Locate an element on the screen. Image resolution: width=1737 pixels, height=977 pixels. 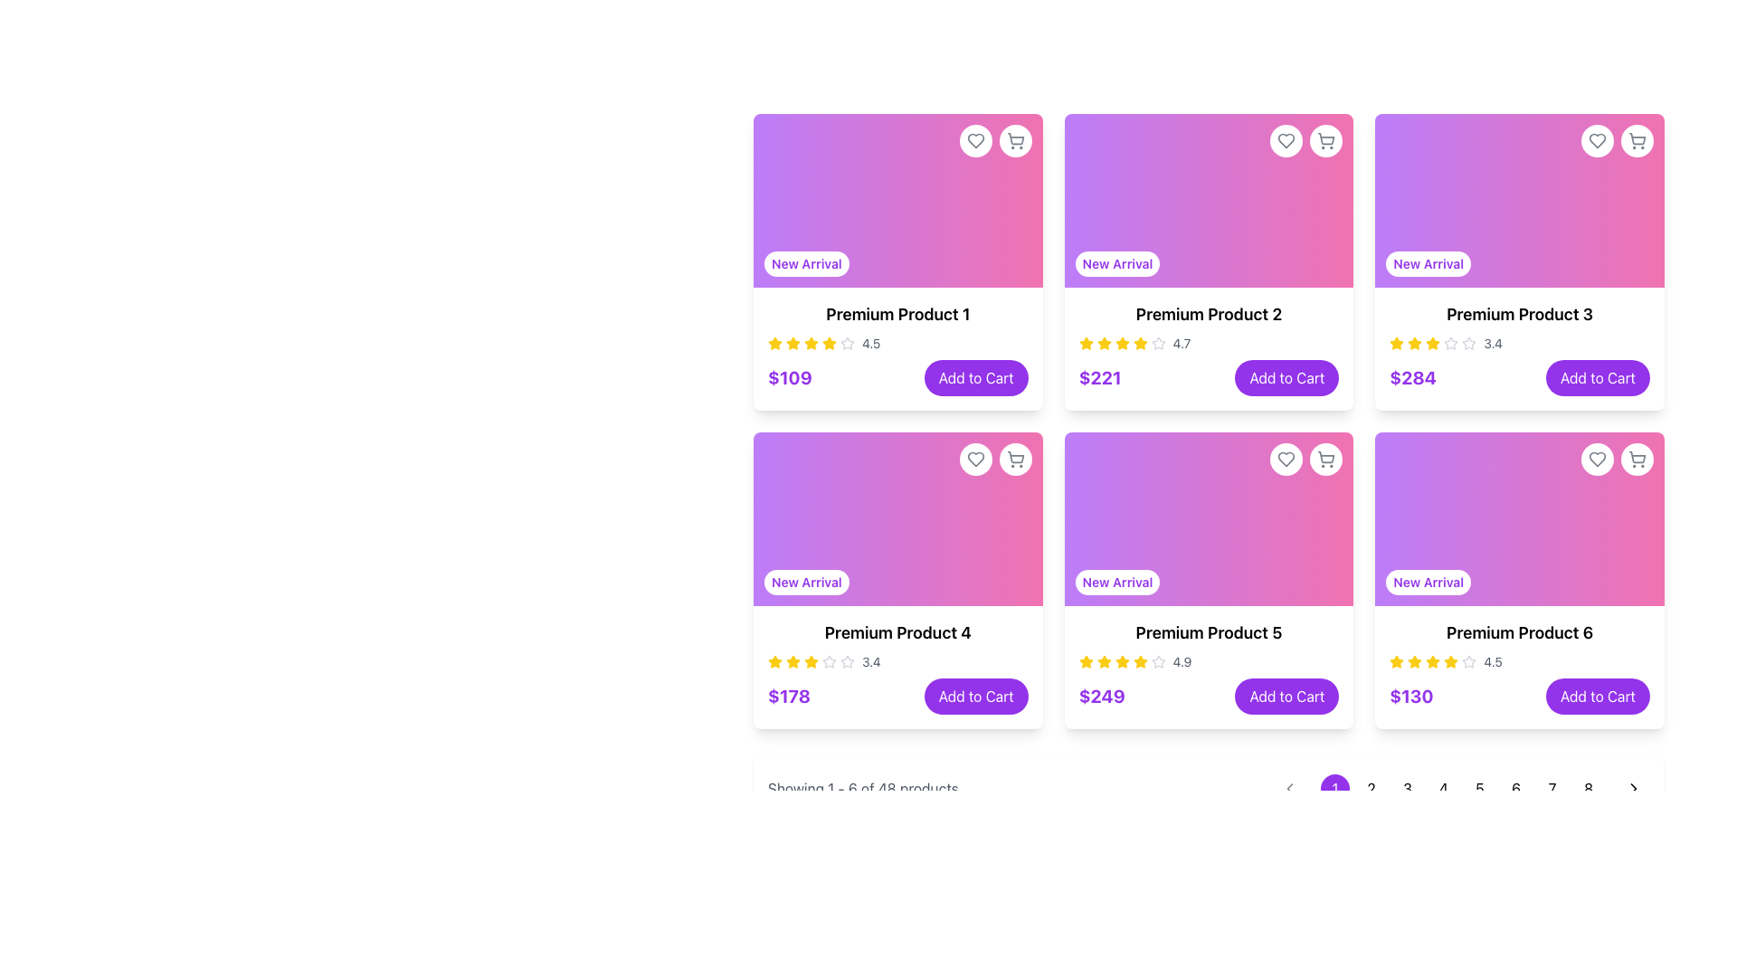
the circular button with a white background and the number '5' displayed in black text is located at coordinates (1480, 787).